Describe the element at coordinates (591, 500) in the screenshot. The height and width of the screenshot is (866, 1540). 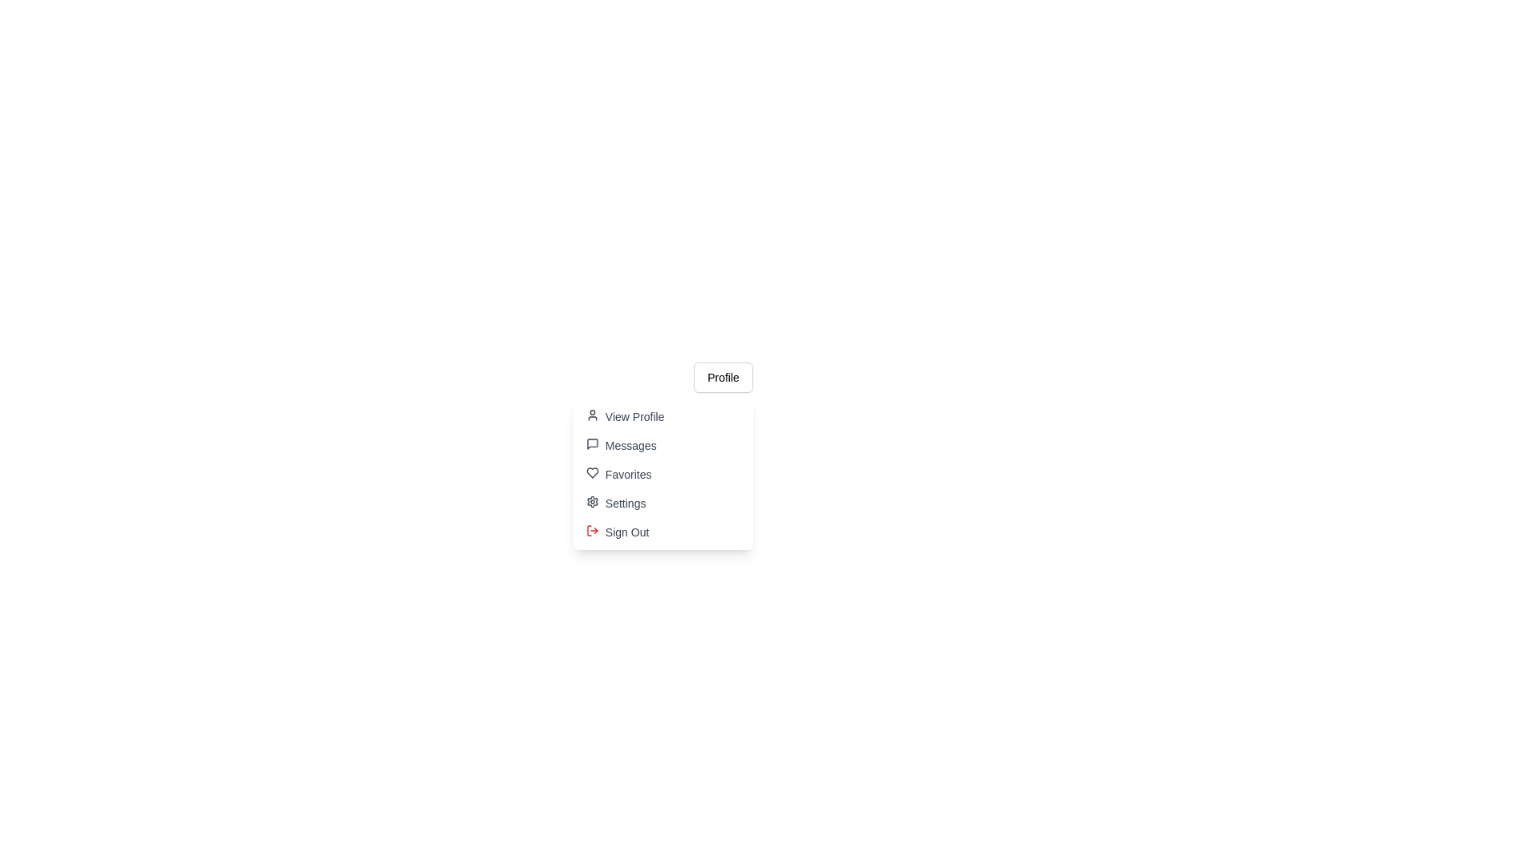
I see `the gear icon representing settings in the dropdown menu, which is positioned to the left of the 'Settings' text` at that location.